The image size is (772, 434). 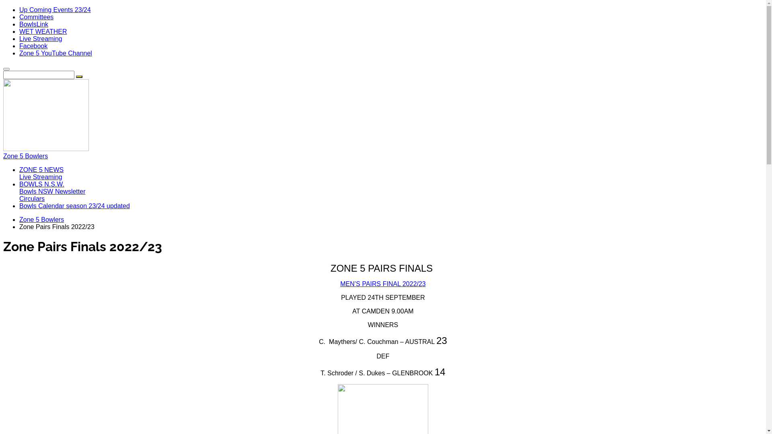 I want to click on 'Circulars', so click(x=32, y=199).